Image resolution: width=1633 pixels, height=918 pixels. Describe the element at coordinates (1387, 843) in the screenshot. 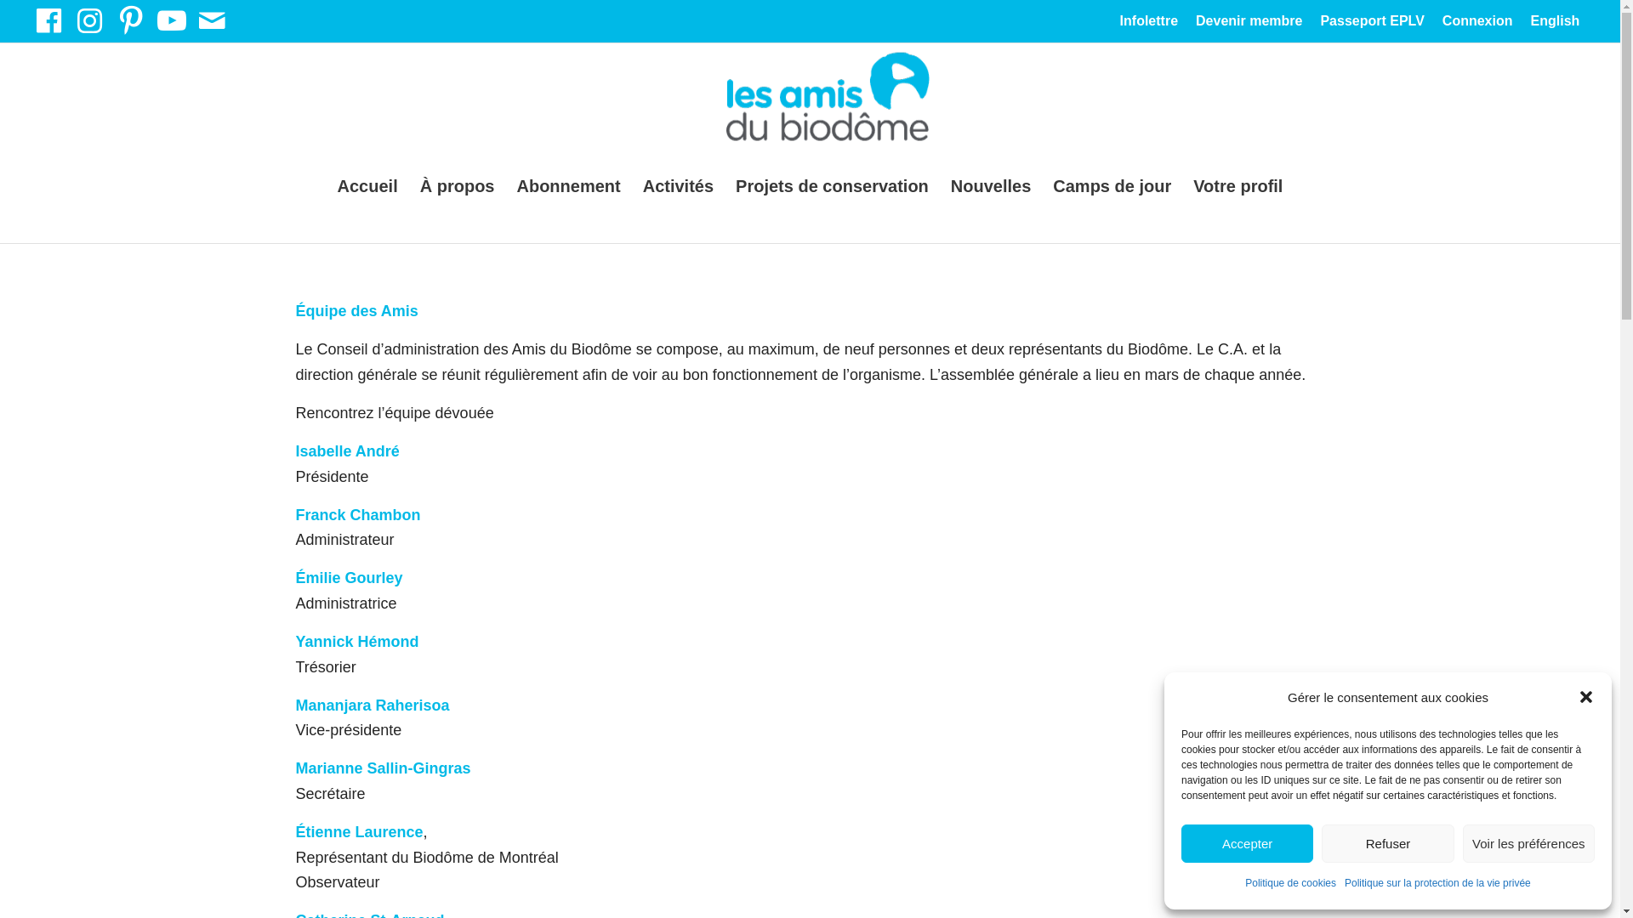

I see `'Refuser'` at that location.